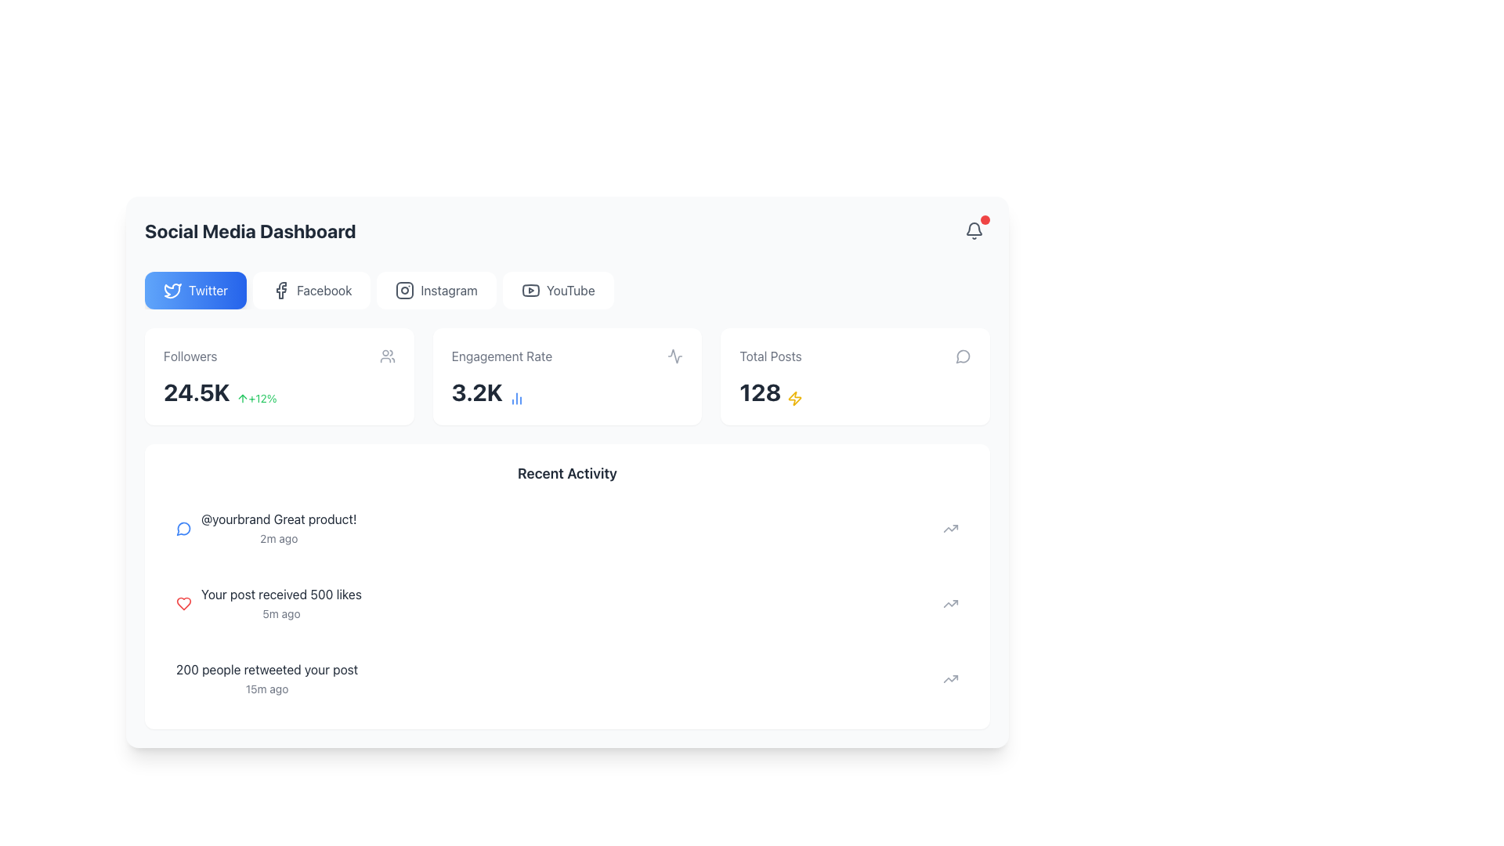 The image size is (1504, 846). I want to click on the messaging icon located near the top-right corner of the user interface, slightly below and to the left of the bell icon, so click(962, 356).